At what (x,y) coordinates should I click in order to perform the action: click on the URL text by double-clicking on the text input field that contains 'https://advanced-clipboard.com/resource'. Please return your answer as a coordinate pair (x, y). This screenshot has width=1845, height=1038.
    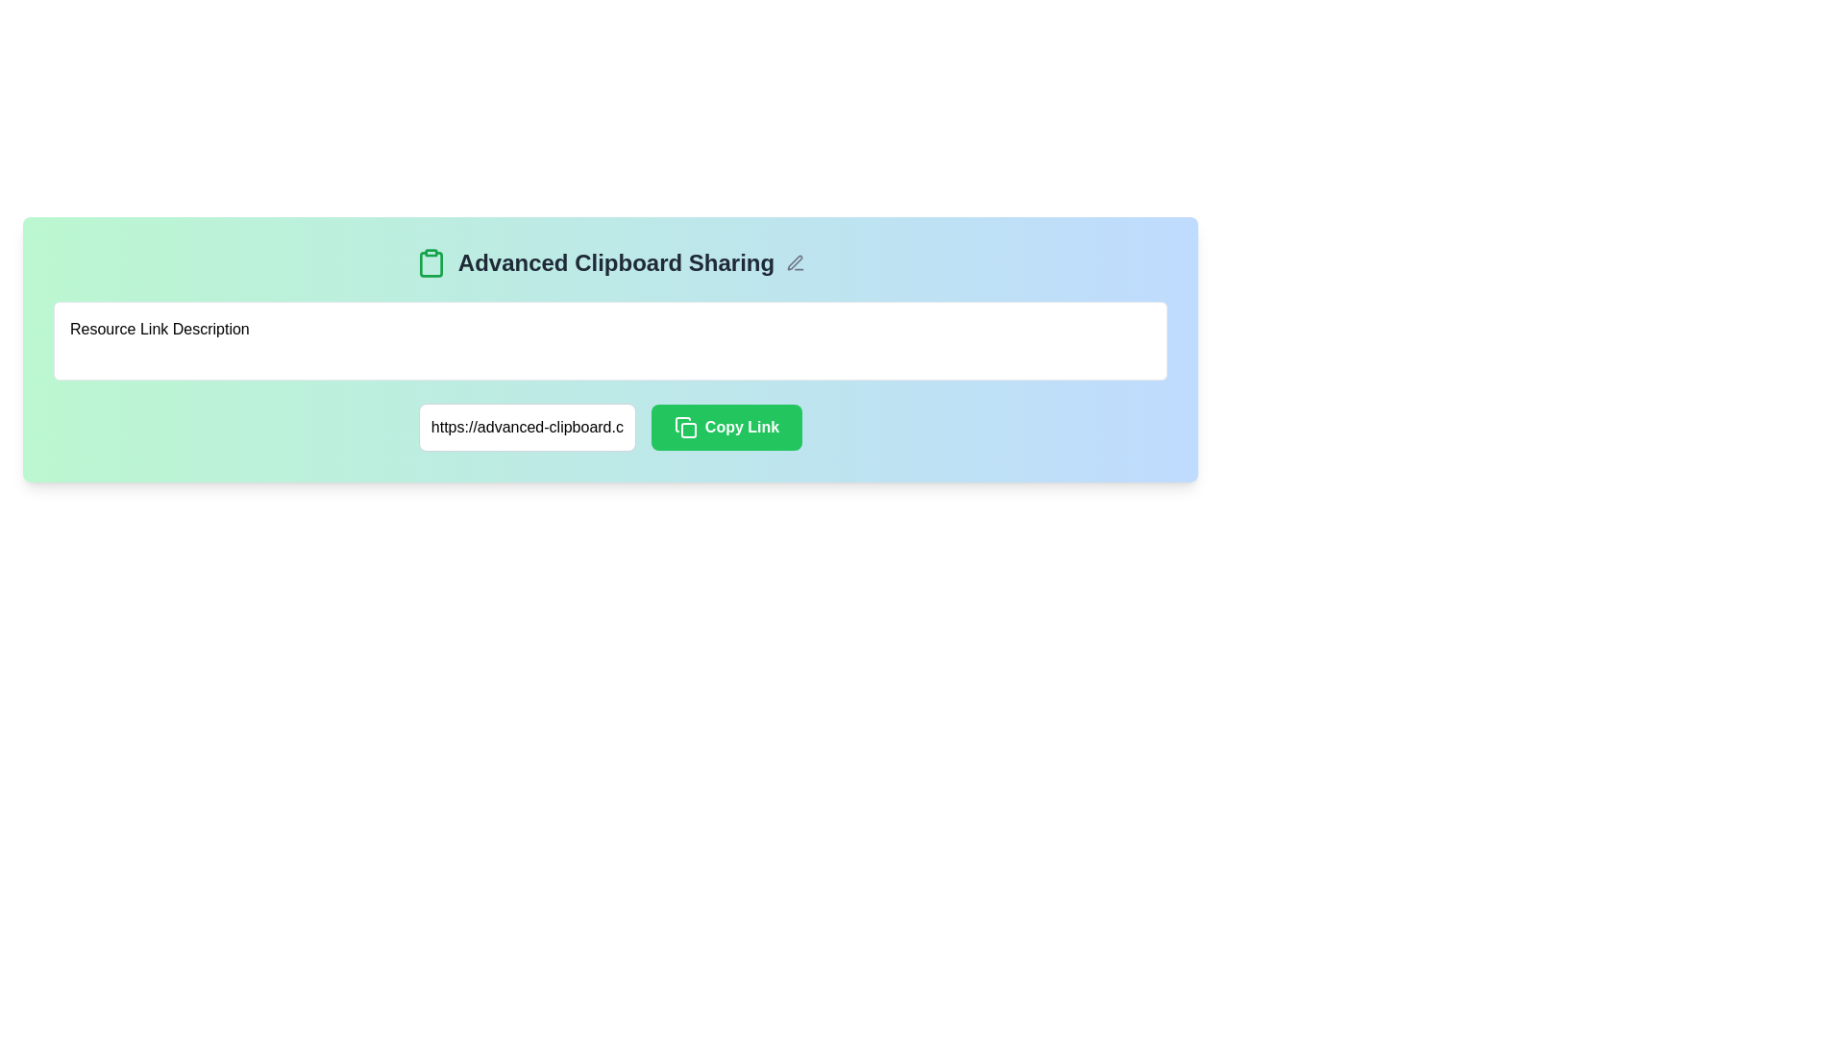
    Looking at the image, I should click on (527, 426).